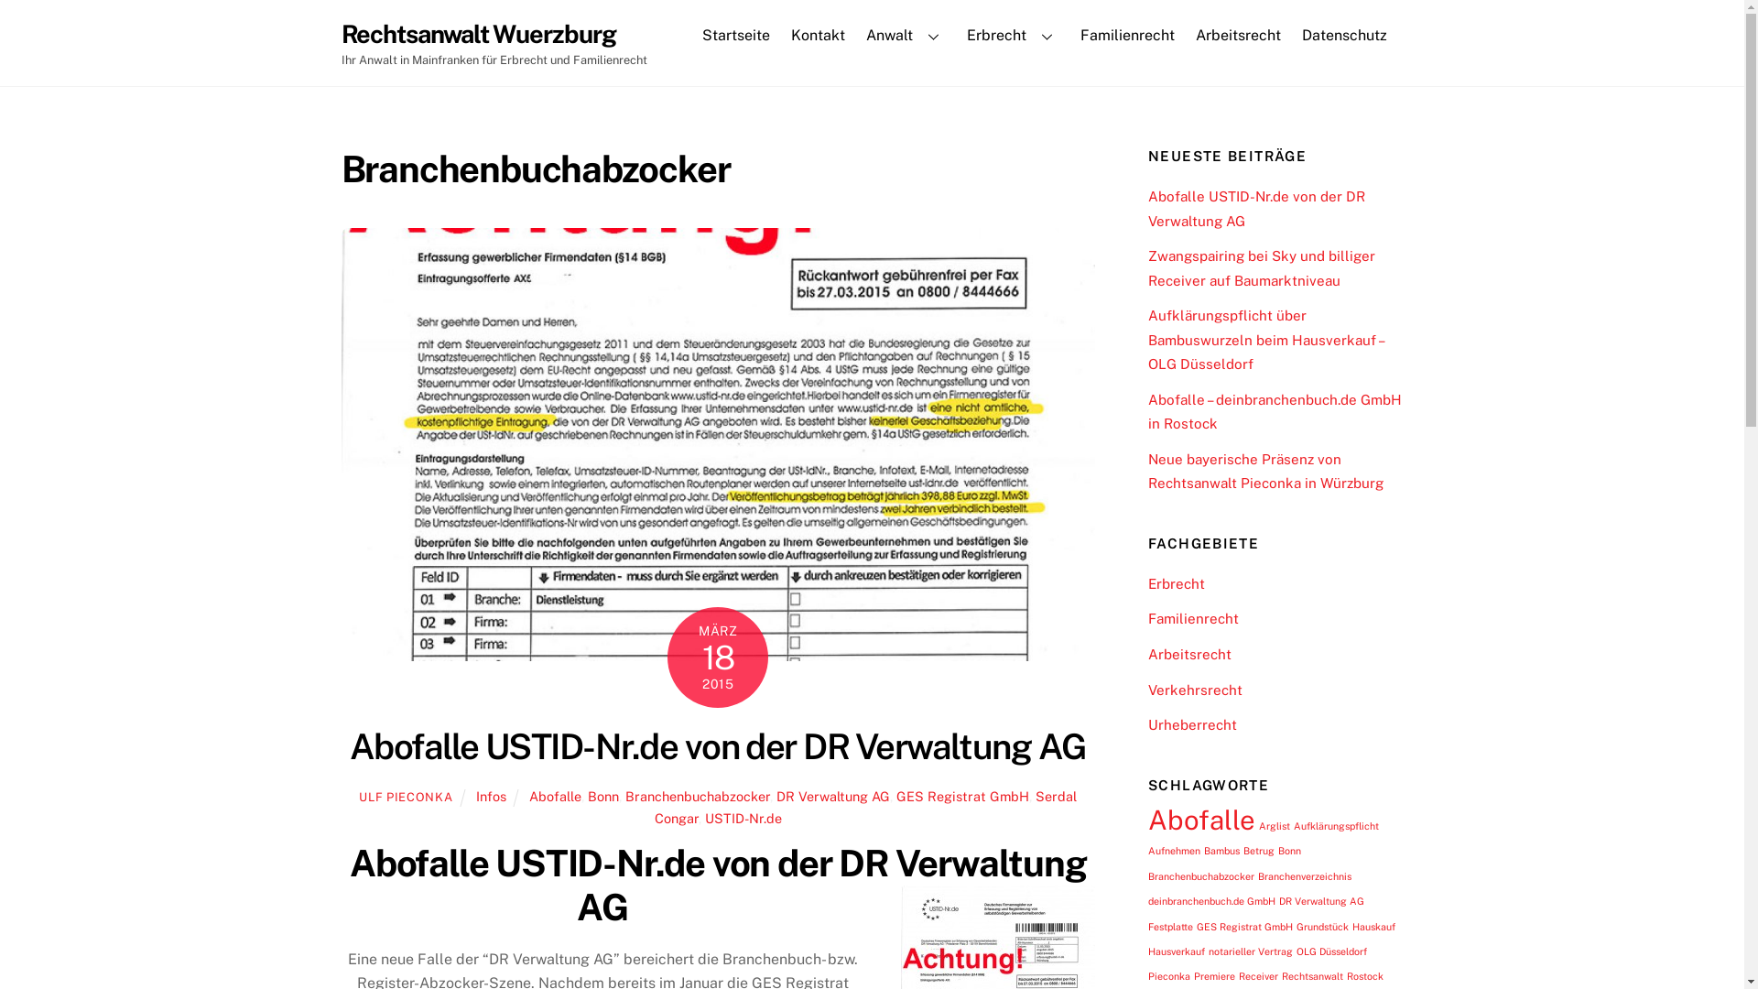 Image resolution: width=1758 pixels, height=989 pixels. I want to click on 'Betrug', so click(1257, 851).